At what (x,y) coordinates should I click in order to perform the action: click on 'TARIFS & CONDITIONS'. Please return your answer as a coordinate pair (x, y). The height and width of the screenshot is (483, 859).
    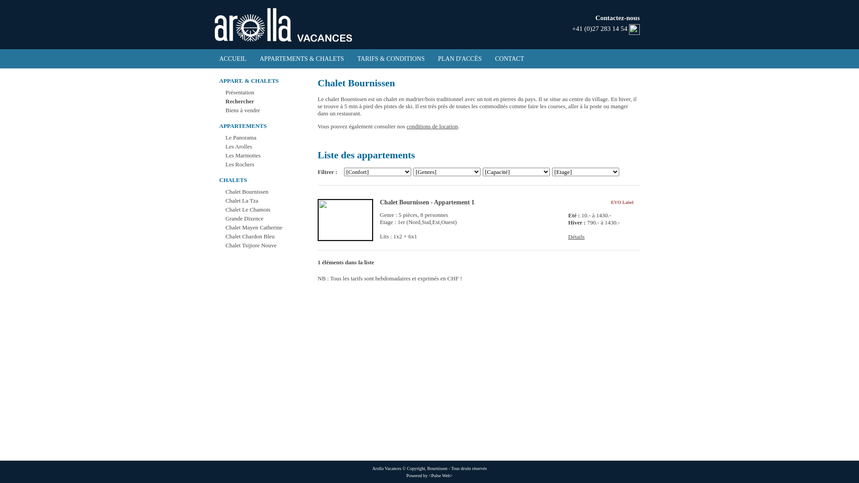
    Looking at the image, I should click on (391, 59).